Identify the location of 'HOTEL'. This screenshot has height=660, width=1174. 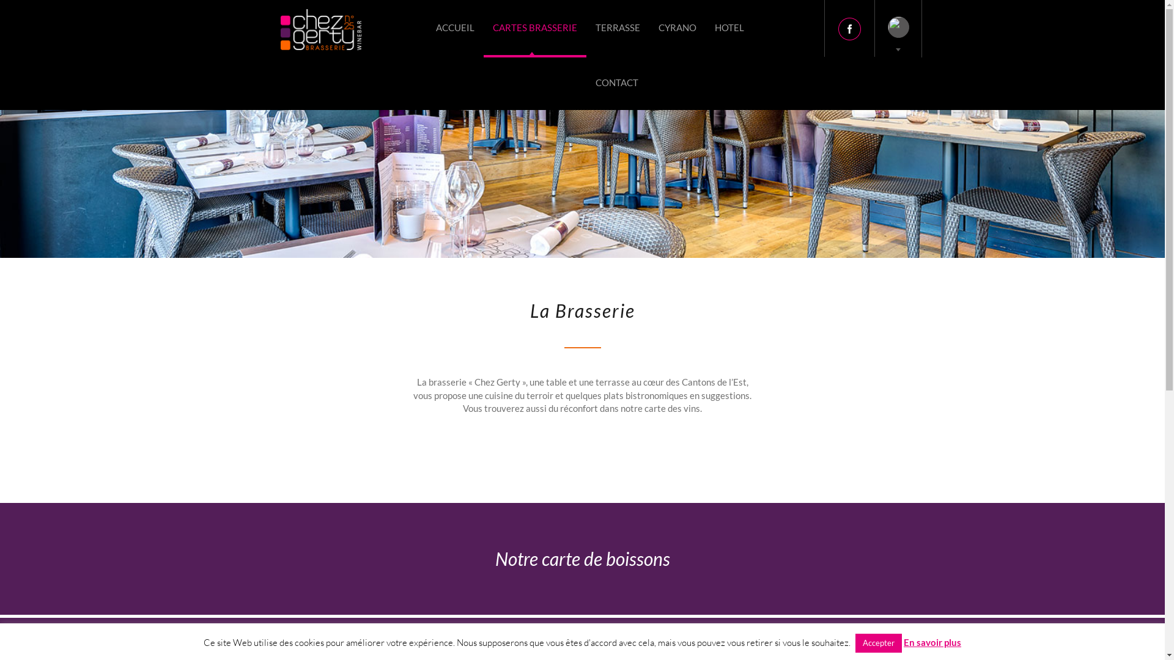
(705, 28).